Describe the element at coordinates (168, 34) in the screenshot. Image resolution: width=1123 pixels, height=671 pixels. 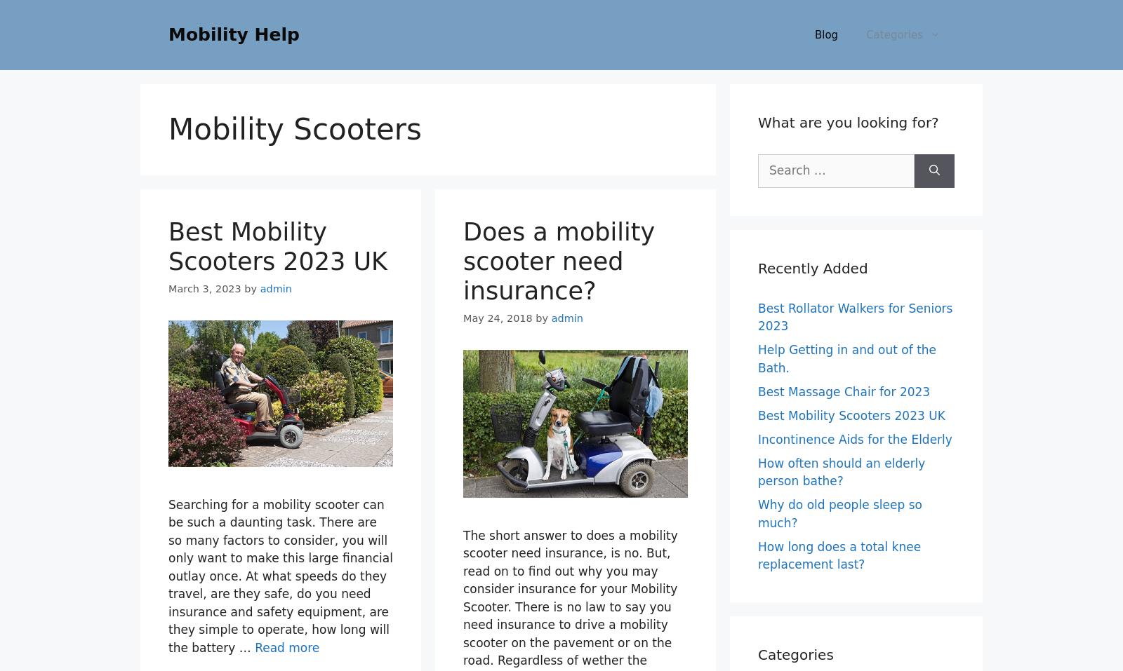
I see `'Mobility Help'` at that location.